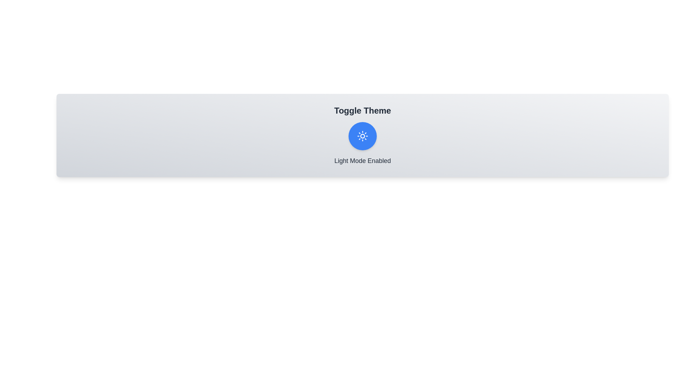  What do you see at coordinates (363, 136) in the screenshot?
I see `the theme toggle button to toggle the theme` at bounding box center [363, 136].